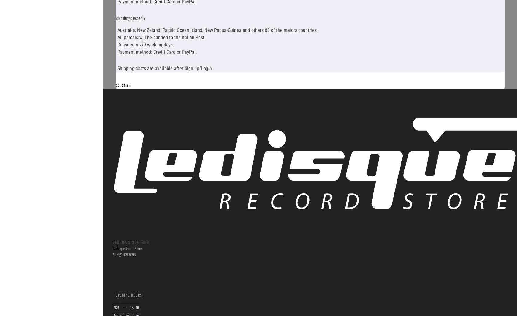  What do you see at coordinates (124, 254) in the screenshot?
I see `'All Right Reserved'` at bounding box center [124, 254].